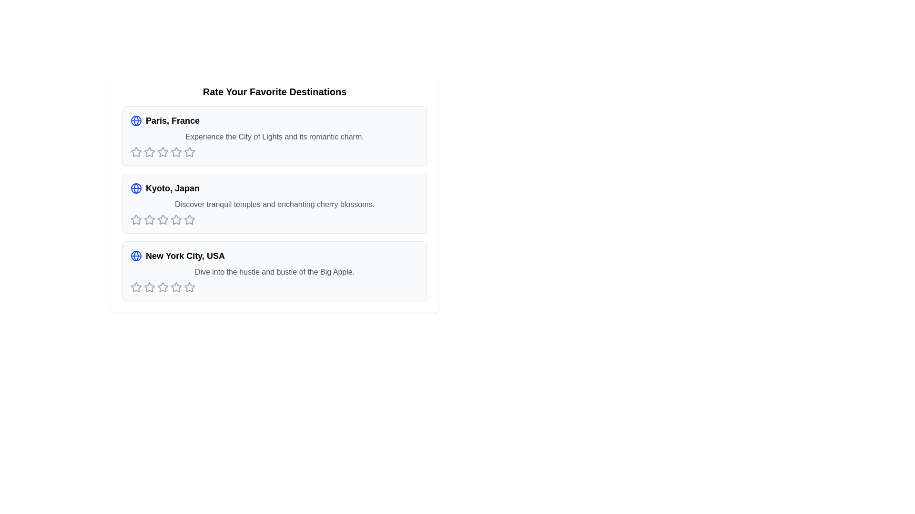 The height and width of the screenshot is (514, 915). I want to click on the first rating star icon for the 'New York City, USA' entry in the rating system located at the bottom of the interface, so click(136, 287).